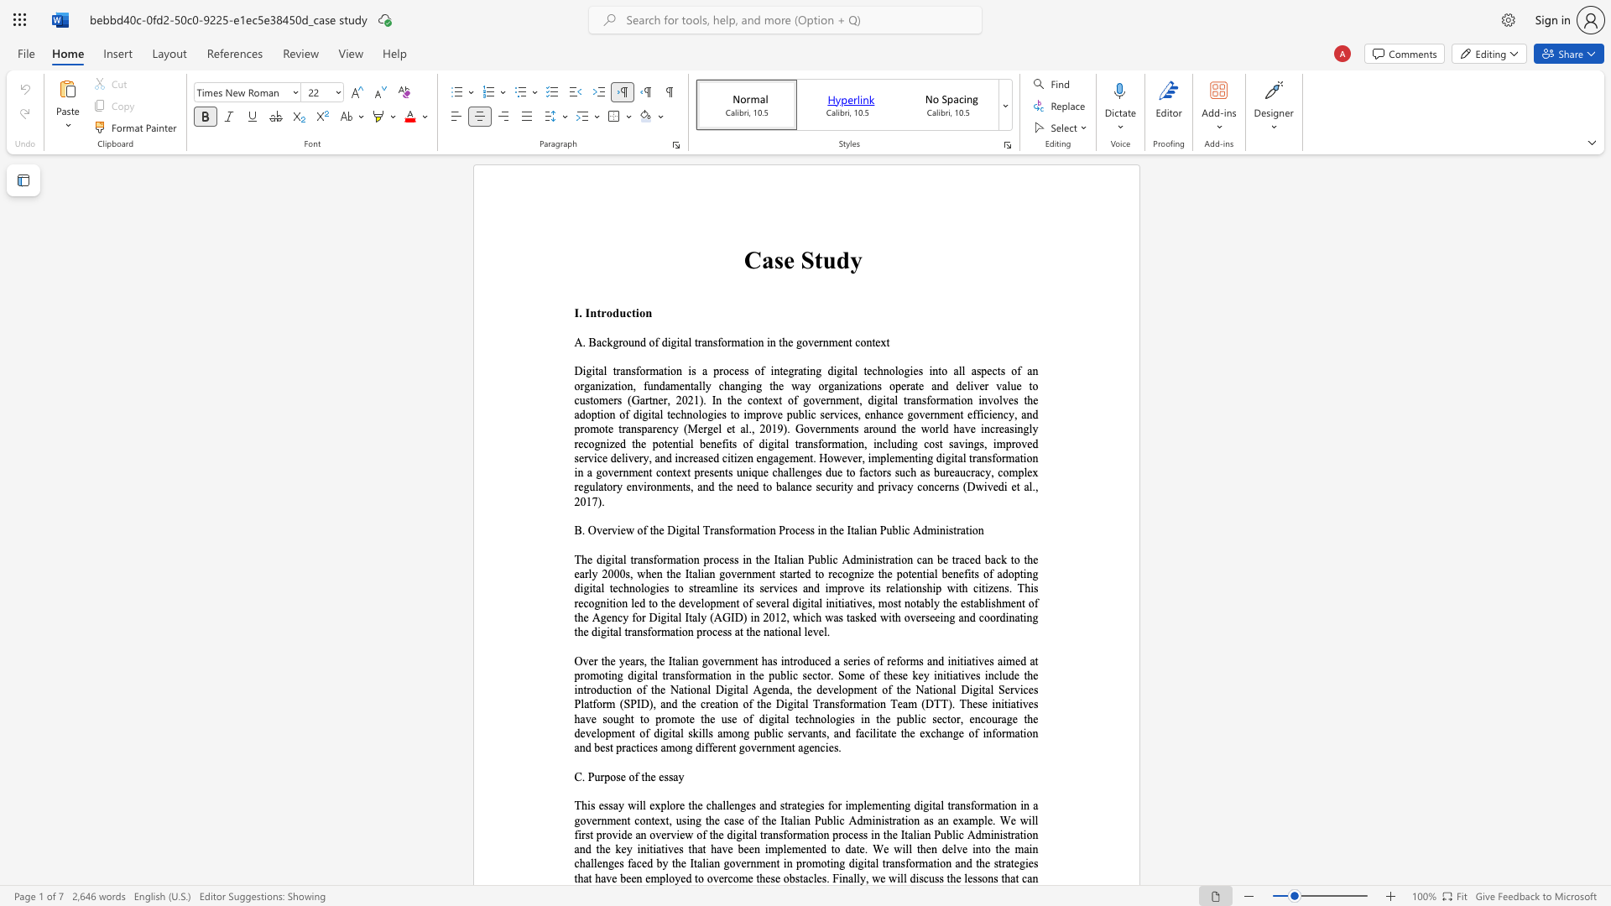  What do you see at coordinates (633, 820) in the screenshot?
I see `the subset text "context, using the case of the Italian Public Administration as an example. We will first provide an overview of the digital transformation process in the Italian Public Administration and the key initiatives t" within the text "This essay will explore the challenges and strategies for implementing digital transformation in a government context, using the case of the Italian Public Administration as an example. We will first provide an overview of the digital transformation process in the Italian Public Administration and the key initiatives that have been implemented to date. We will then delve into the main challenges faced by the Italian government in promoting digital transformation and the strategies that have been employed to"` at bounding box center [633, 820].